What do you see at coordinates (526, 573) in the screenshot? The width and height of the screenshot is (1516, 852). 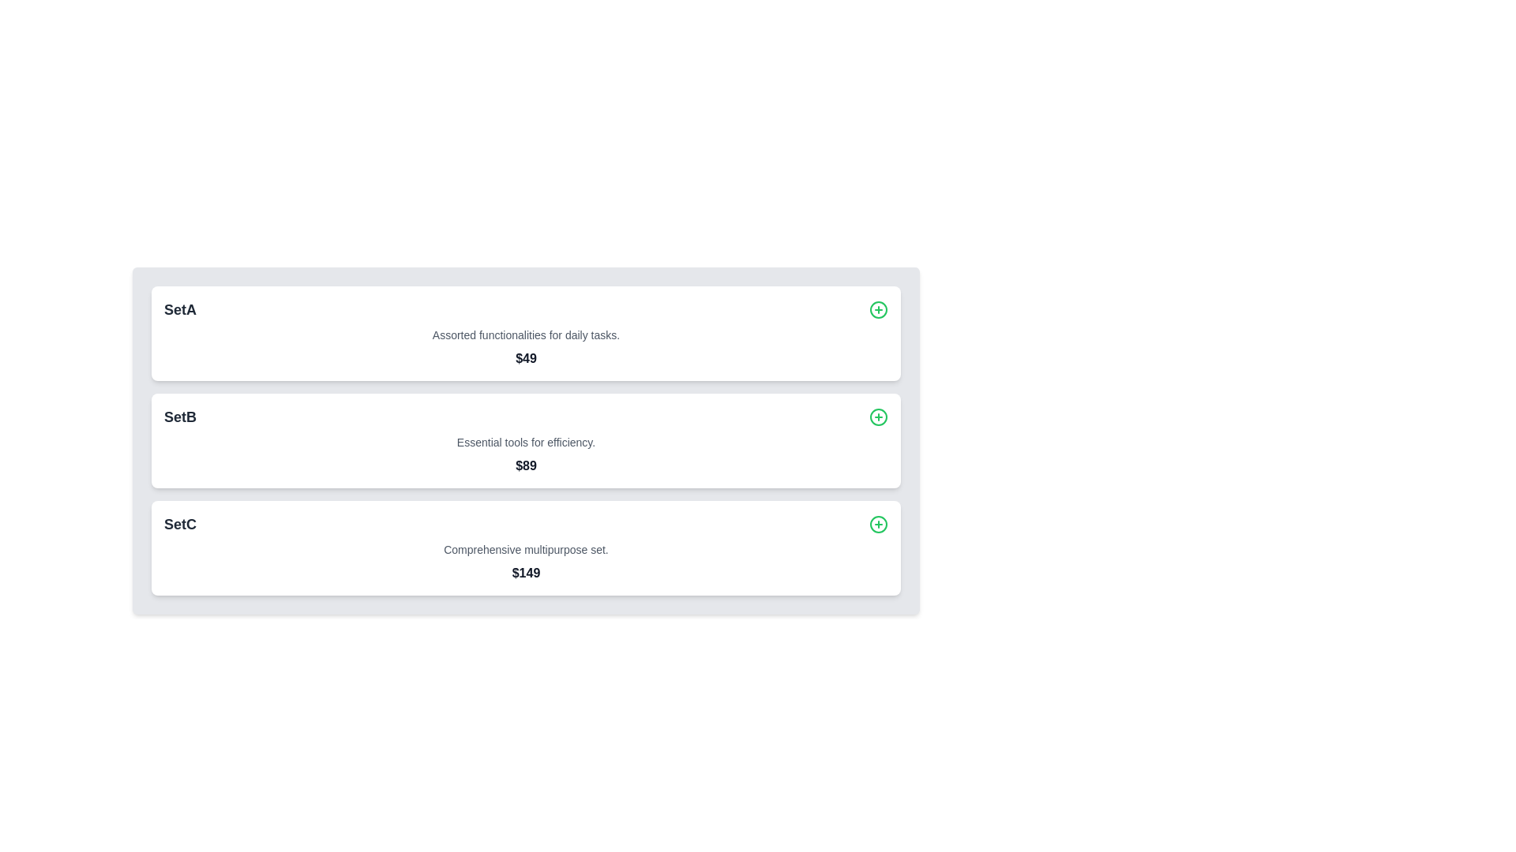 I see `the price text displaying '$149' located beneath the description 'Comprehensive multipurpose set' in the bottom section of the 'SetC' item card` at bounding box center [526, 573].